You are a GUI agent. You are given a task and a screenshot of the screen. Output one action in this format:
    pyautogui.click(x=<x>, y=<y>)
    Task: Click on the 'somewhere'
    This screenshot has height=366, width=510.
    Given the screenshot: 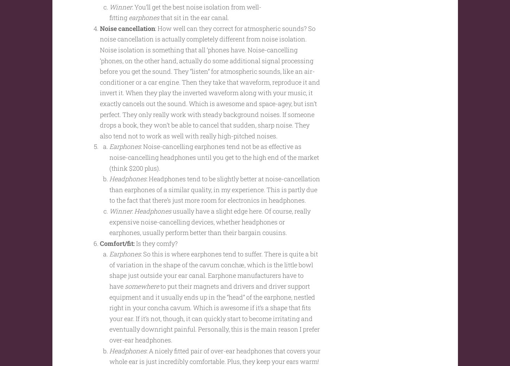 What is the action you would take?
    pyautogui.click(x=142, y=299)
    